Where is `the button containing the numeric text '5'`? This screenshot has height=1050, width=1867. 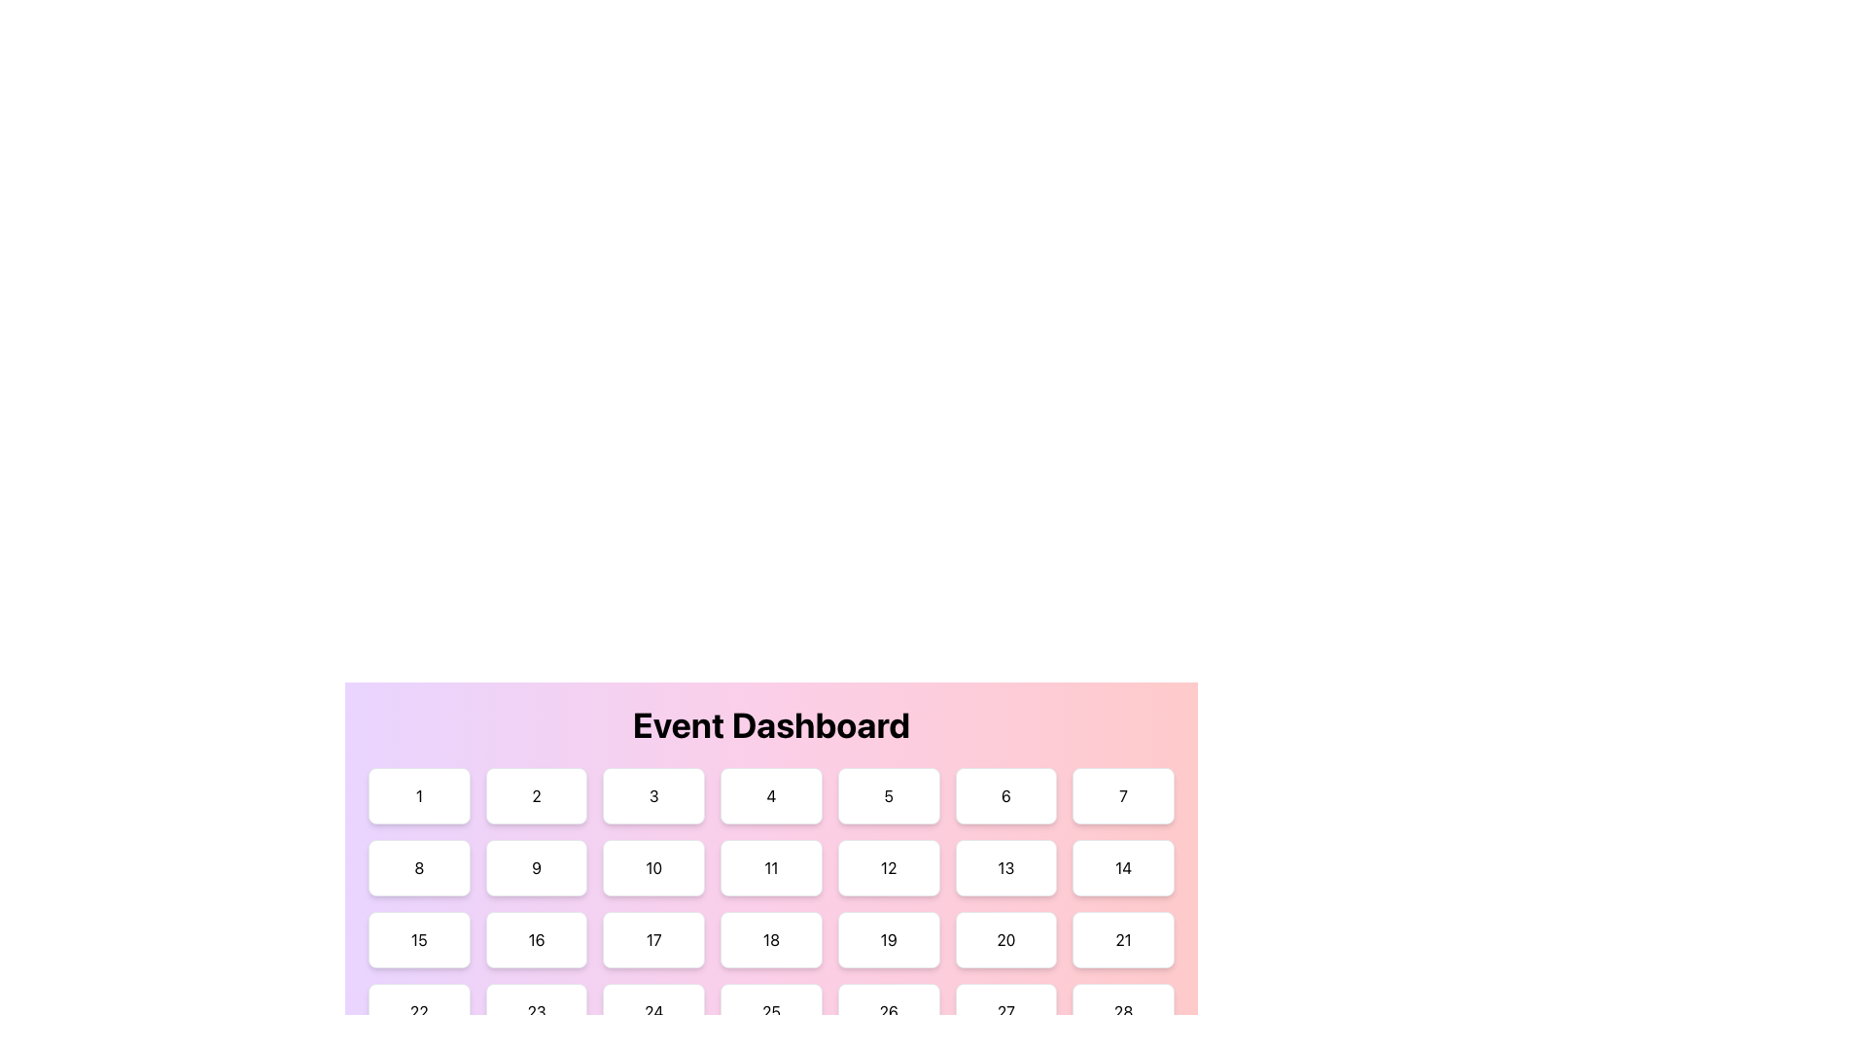
the button containing the numeric text '5' is located at coordinates (888, 795).